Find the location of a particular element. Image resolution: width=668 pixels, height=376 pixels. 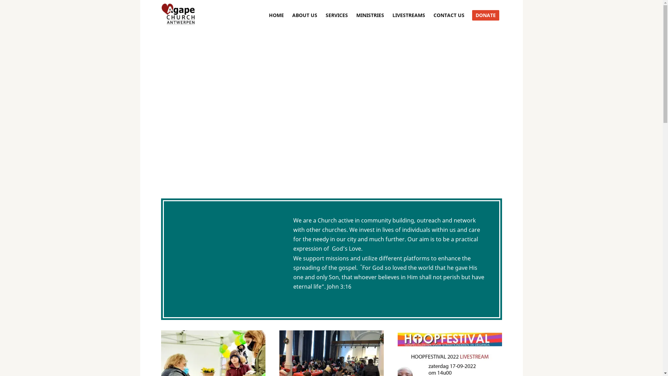

'CONTACT US' is located at coordinates (432, 15).